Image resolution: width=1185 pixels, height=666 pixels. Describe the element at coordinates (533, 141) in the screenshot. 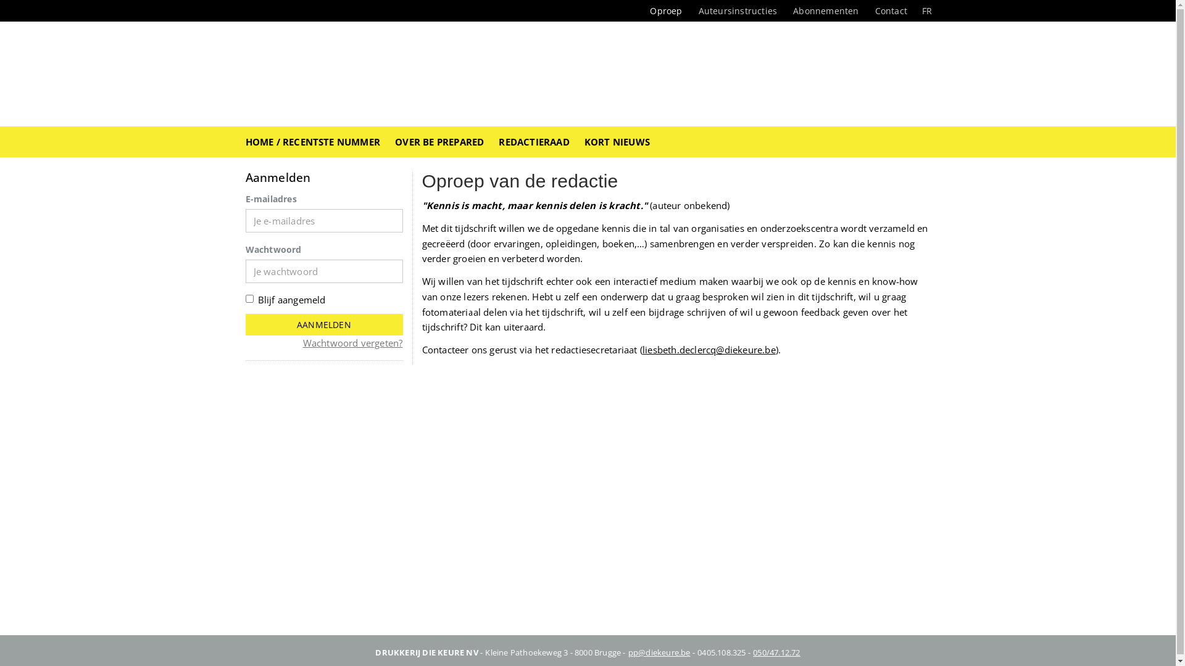

I see `'REDACTIERAAD'` at that location.